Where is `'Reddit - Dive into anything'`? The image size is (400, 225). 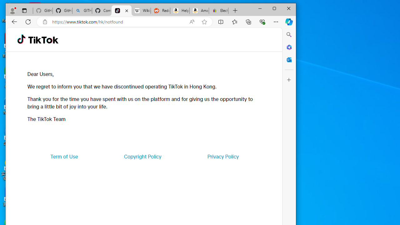 'Reddit - Dive into anything' is located at coordinates (160, 11).